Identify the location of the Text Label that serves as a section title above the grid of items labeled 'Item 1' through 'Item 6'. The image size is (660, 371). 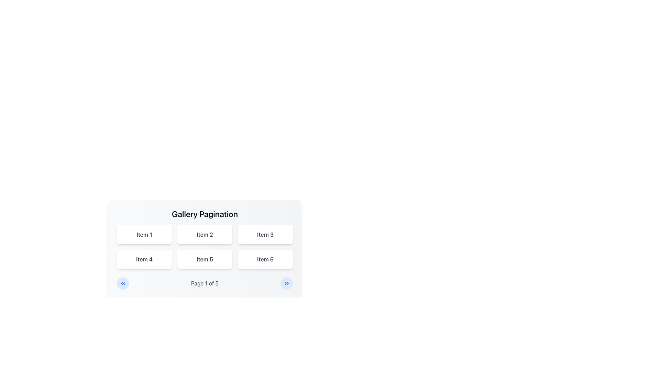
(204, 214).